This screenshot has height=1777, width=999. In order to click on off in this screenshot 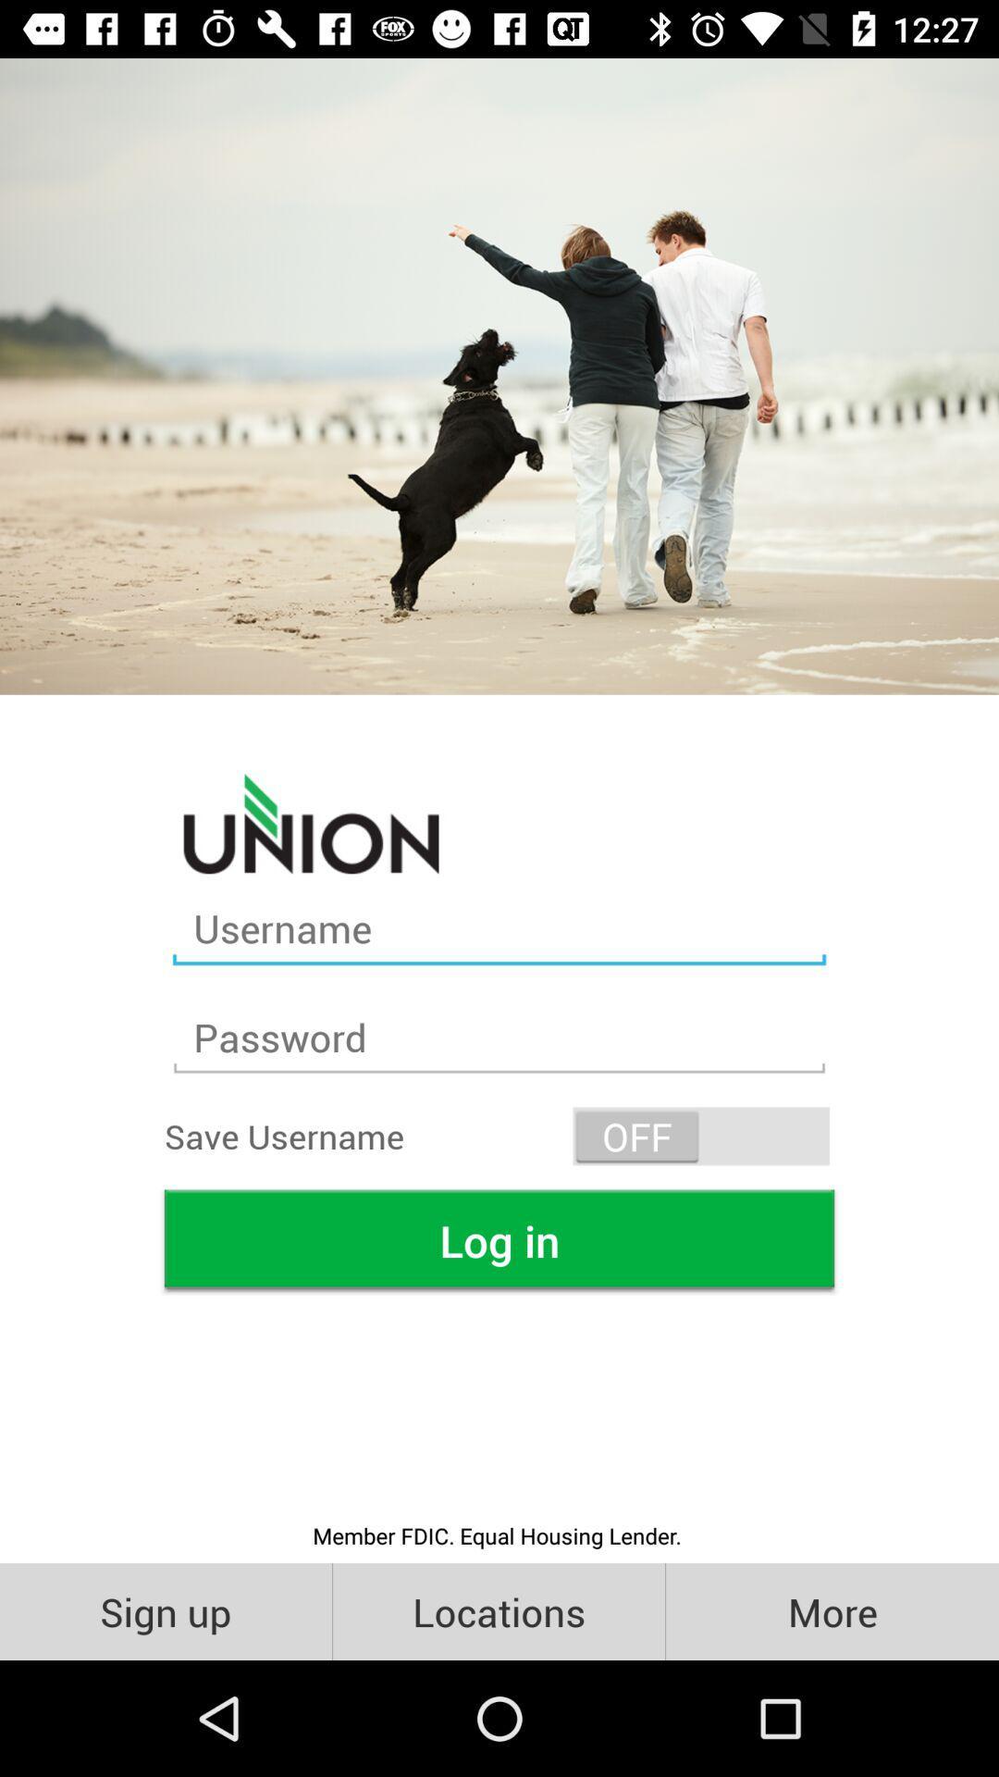, I will do `click(701, 1136)`.